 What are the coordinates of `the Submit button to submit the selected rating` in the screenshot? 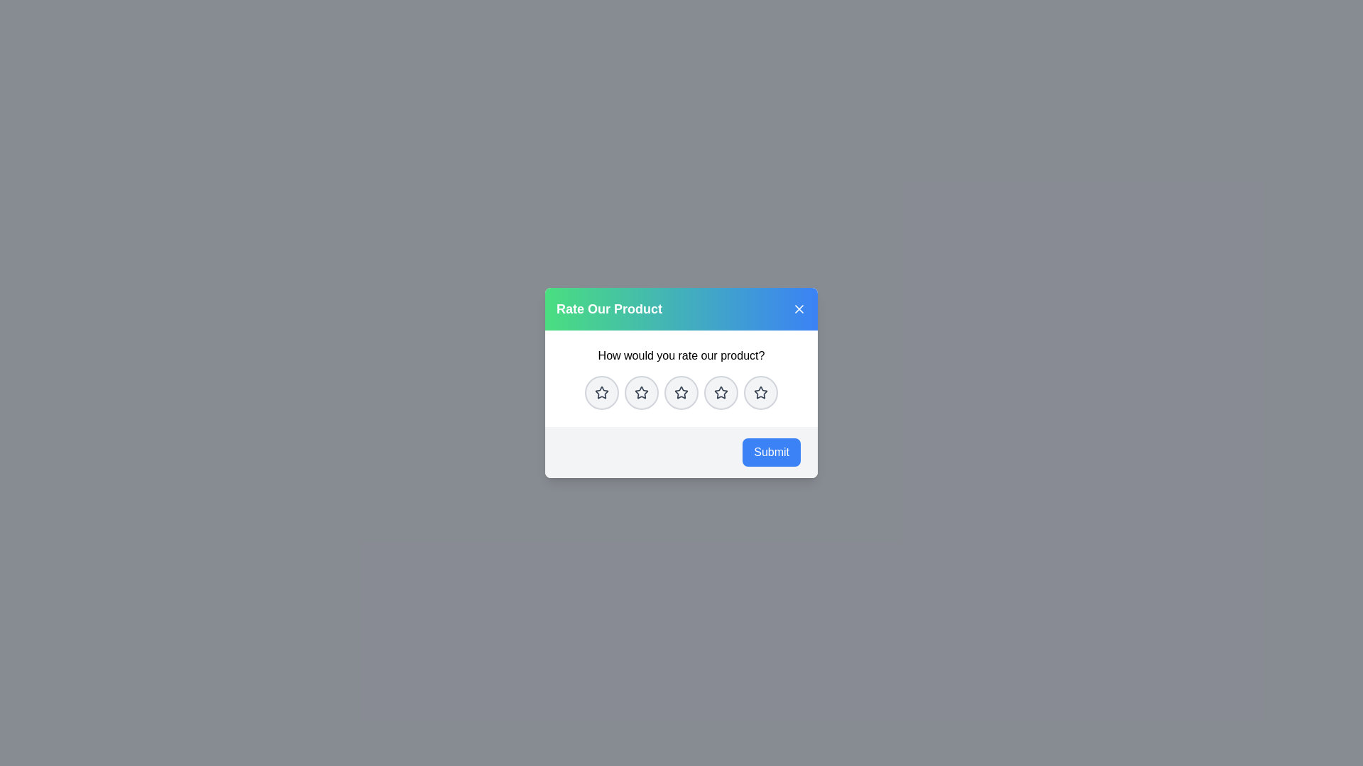 It's located at (770, 452).